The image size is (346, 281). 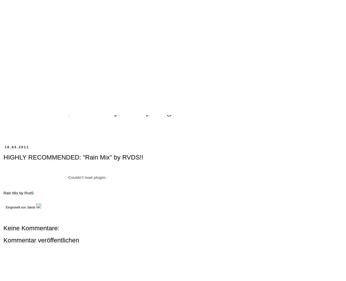 I want to click on '16.03.2011', so click(x=17, y=147).